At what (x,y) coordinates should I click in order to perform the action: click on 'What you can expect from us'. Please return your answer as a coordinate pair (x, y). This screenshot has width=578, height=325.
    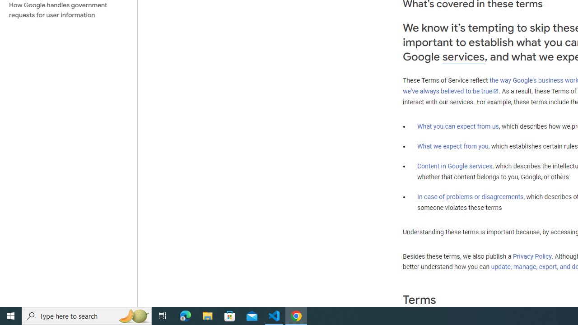
    Looking at the image, I should click on (458, 126).